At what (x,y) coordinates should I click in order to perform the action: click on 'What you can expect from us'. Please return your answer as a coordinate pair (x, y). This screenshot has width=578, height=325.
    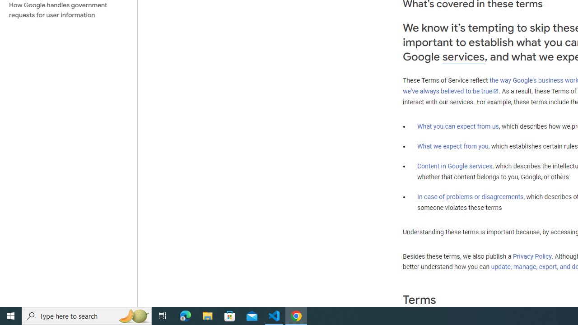
    Looking at the image, I should click on (458, 126).